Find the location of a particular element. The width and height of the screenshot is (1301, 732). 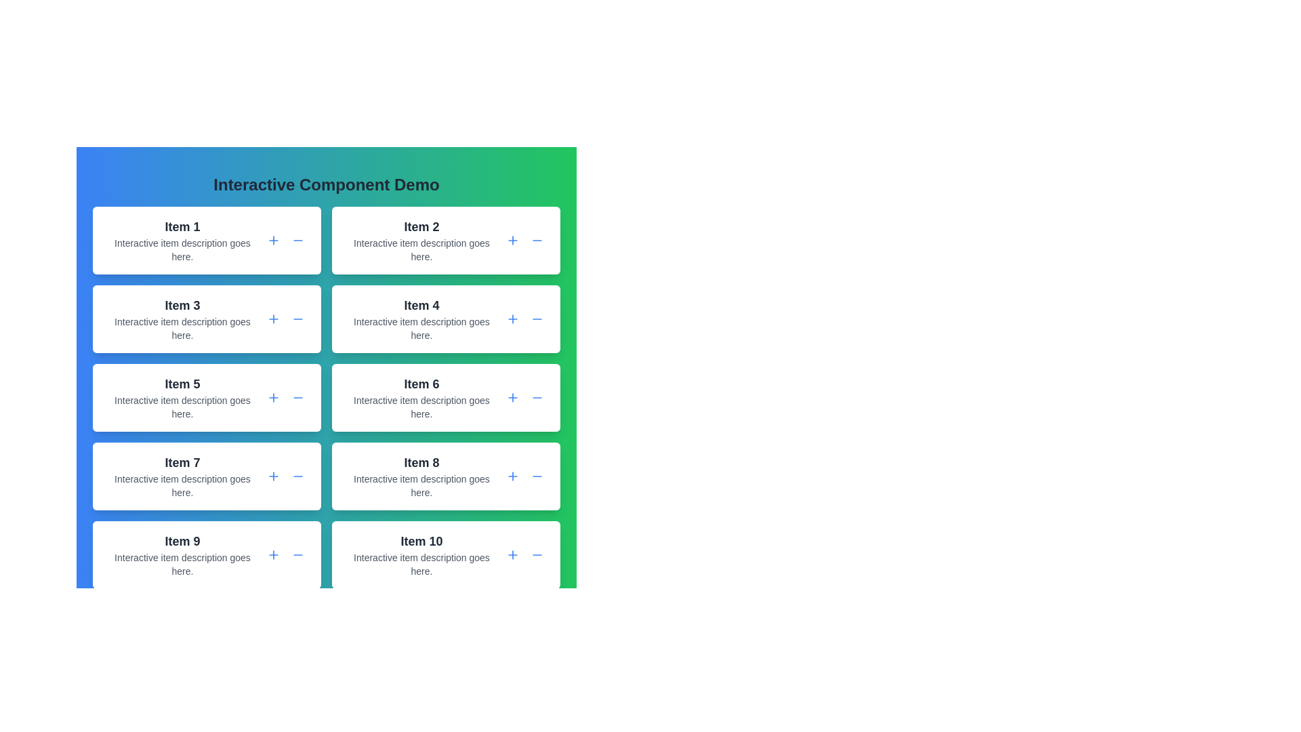

the blue circular icon button located to the left of the minus icon in the row labeled 'Item 5' is located at coordinates (272, 396).